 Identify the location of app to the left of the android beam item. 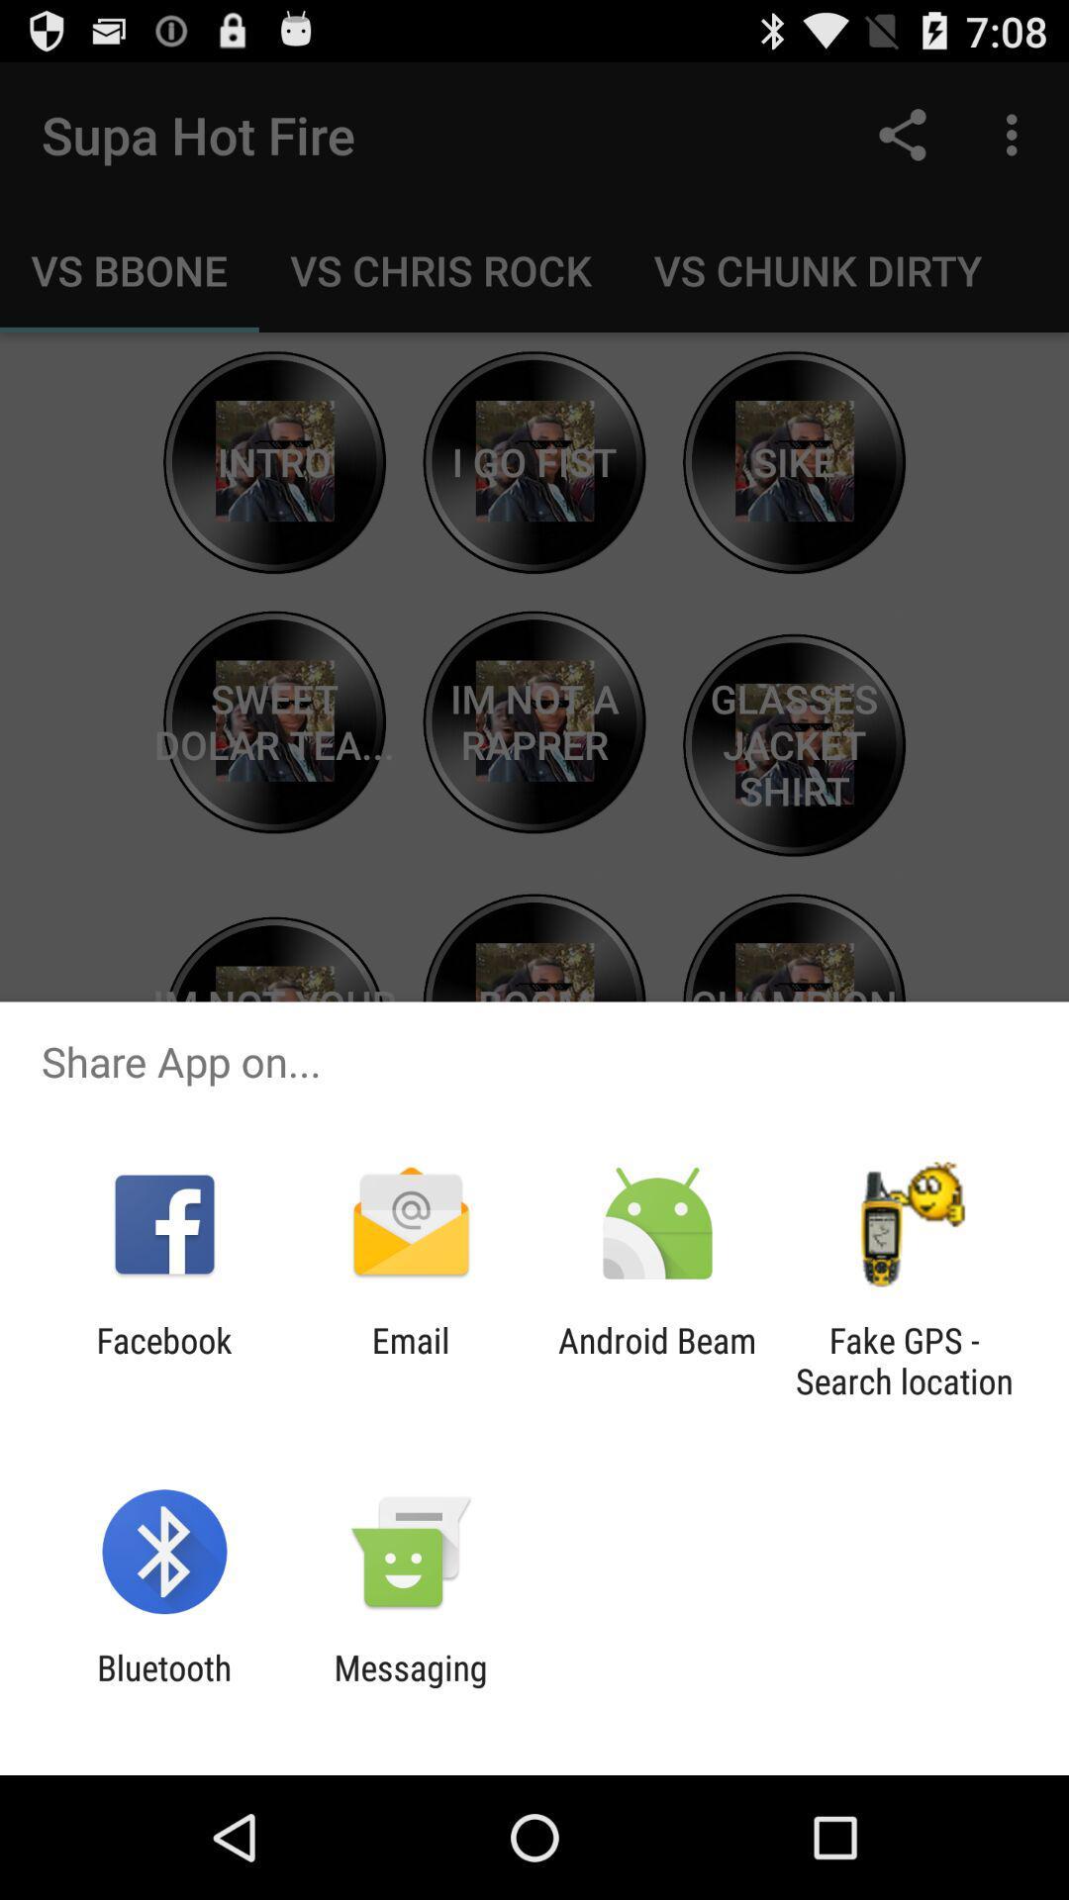
(410, 1360).